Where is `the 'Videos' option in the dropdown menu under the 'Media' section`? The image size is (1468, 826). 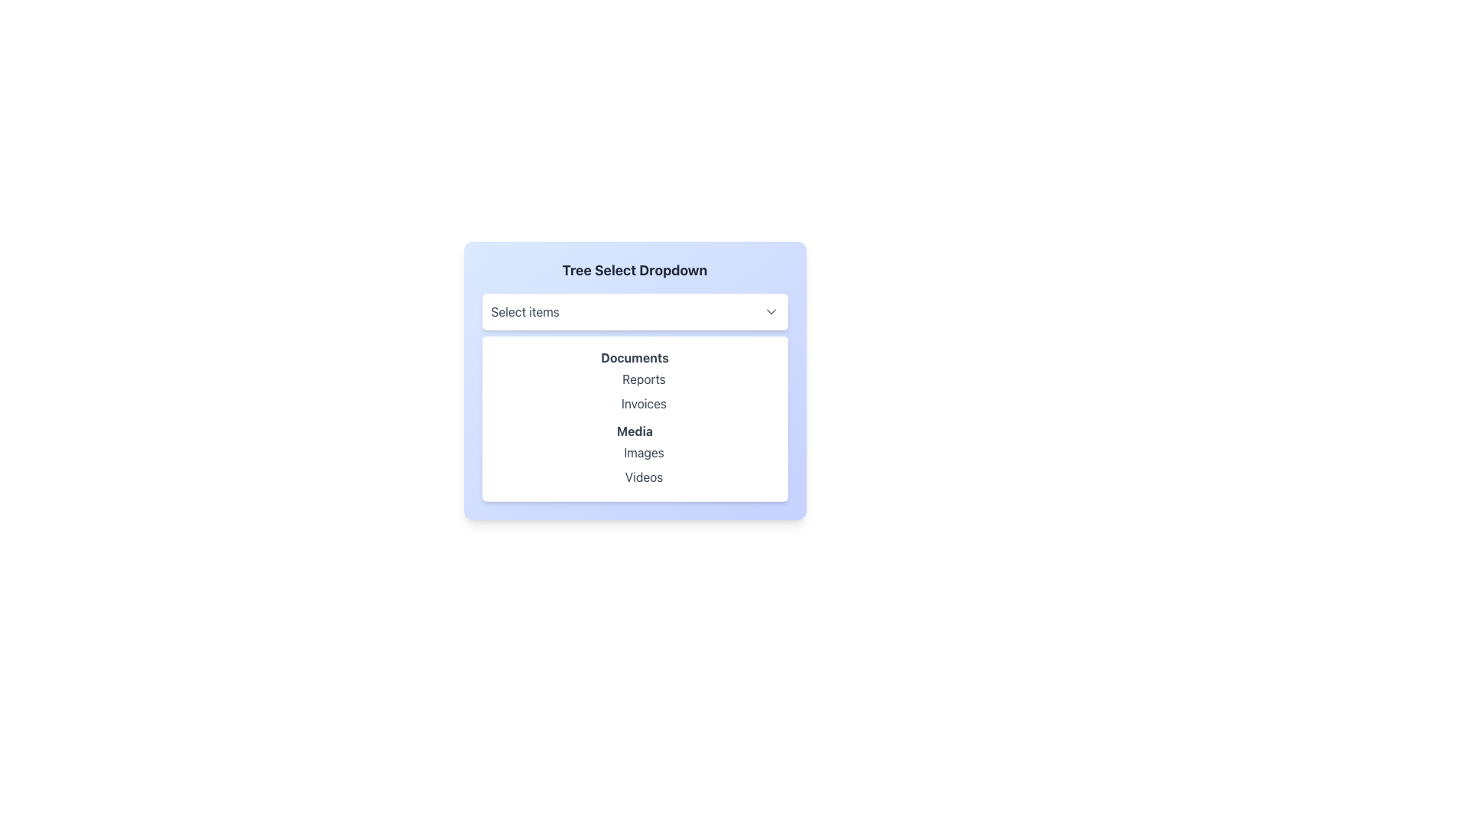 the 'Videos' option in the dropdown menu under the 'Media' section is located at coordinates (641, 476).